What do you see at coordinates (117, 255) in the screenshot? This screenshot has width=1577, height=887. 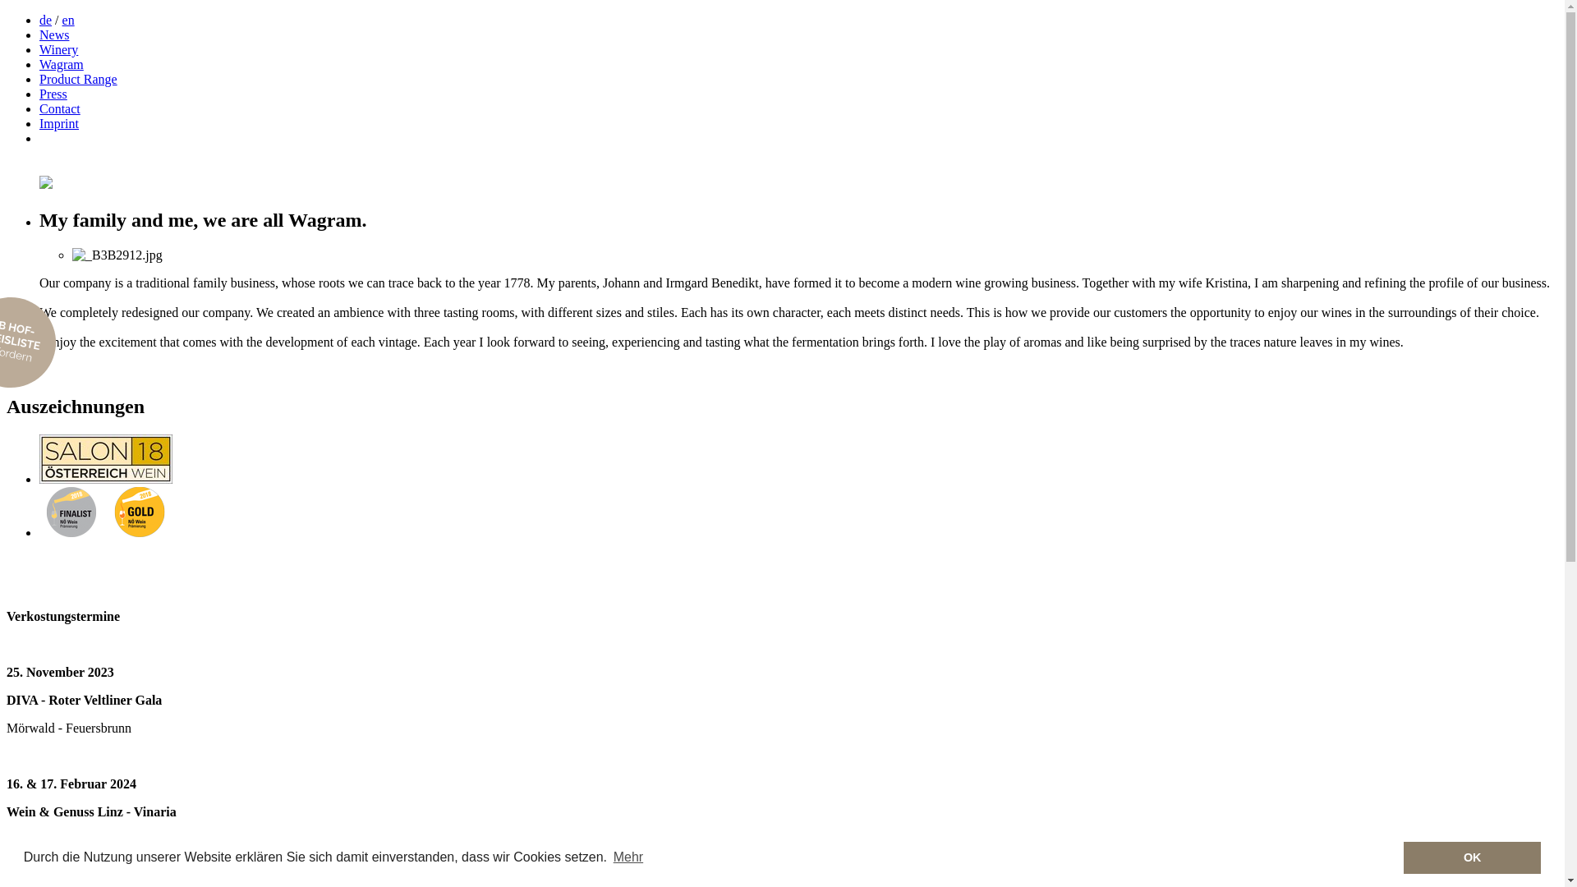 I see `'_B3B2912.jpg'` at bounding box center [117, 255].